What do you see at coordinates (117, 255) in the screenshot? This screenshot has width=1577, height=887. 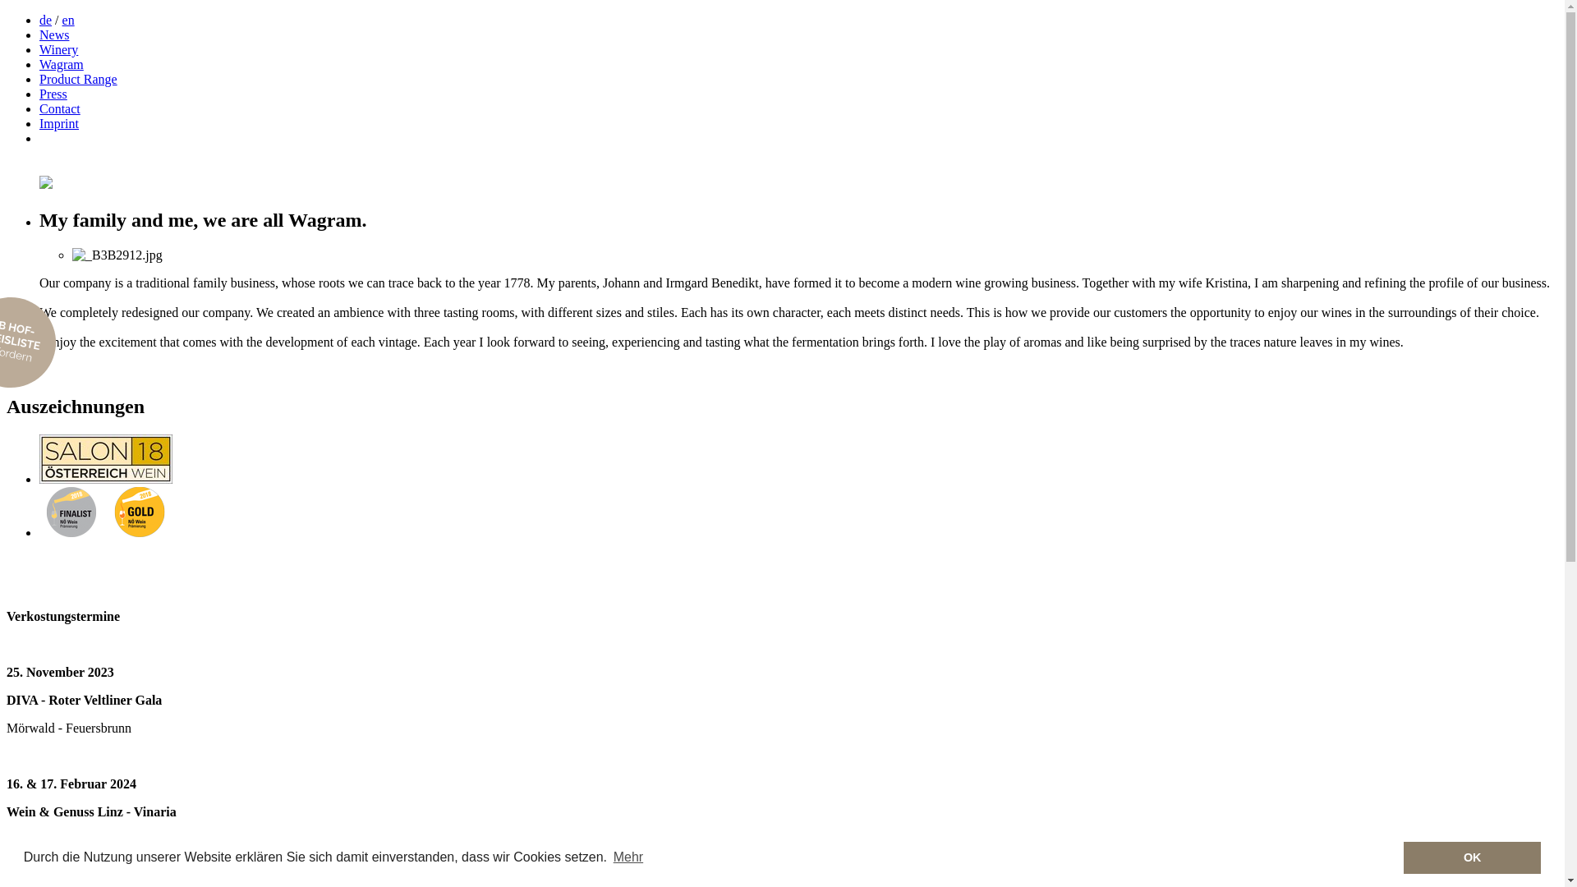 I see `'_B3B2912.jpg'` at bounding box center [117, 255].